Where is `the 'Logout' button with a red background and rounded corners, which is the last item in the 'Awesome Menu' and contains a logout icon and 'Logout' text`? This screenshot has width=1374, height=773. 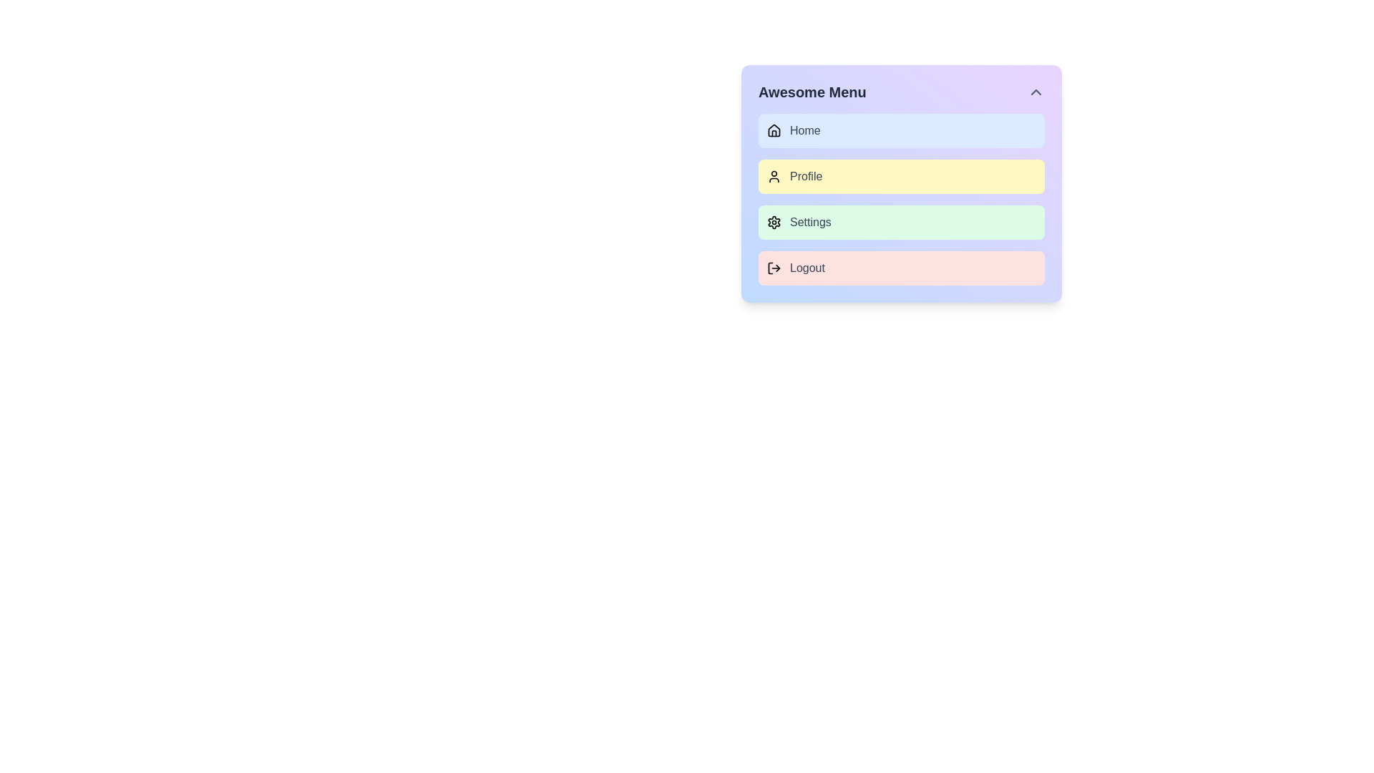 the 'Logout' button with a red background and rounded corners, which is the last item in the 'Awesome Menu' and contains a logout icon and 'Logout' text is located at coordinates (900, 268).